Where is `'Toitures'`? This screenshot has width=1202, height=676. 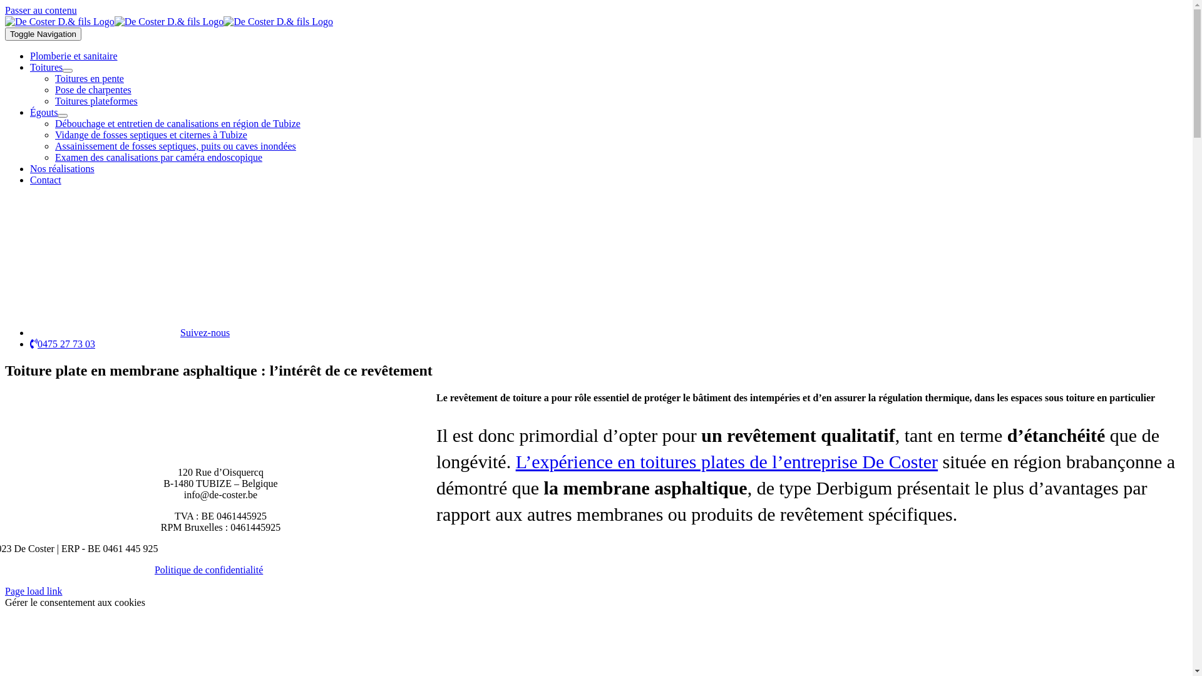
'Toitures' is located at coordinates (46, 67).